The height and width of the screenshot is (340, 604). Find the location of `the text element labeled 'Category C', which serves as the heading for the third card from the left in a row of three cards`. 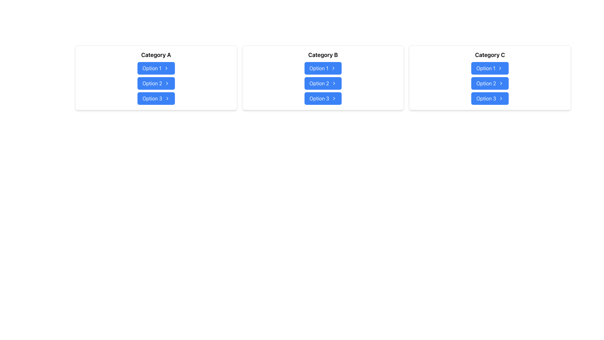

the text element labeled 'Category C', which serves as the heading for the third card from the left in a row of three cards is located at coordinates (489, 54).